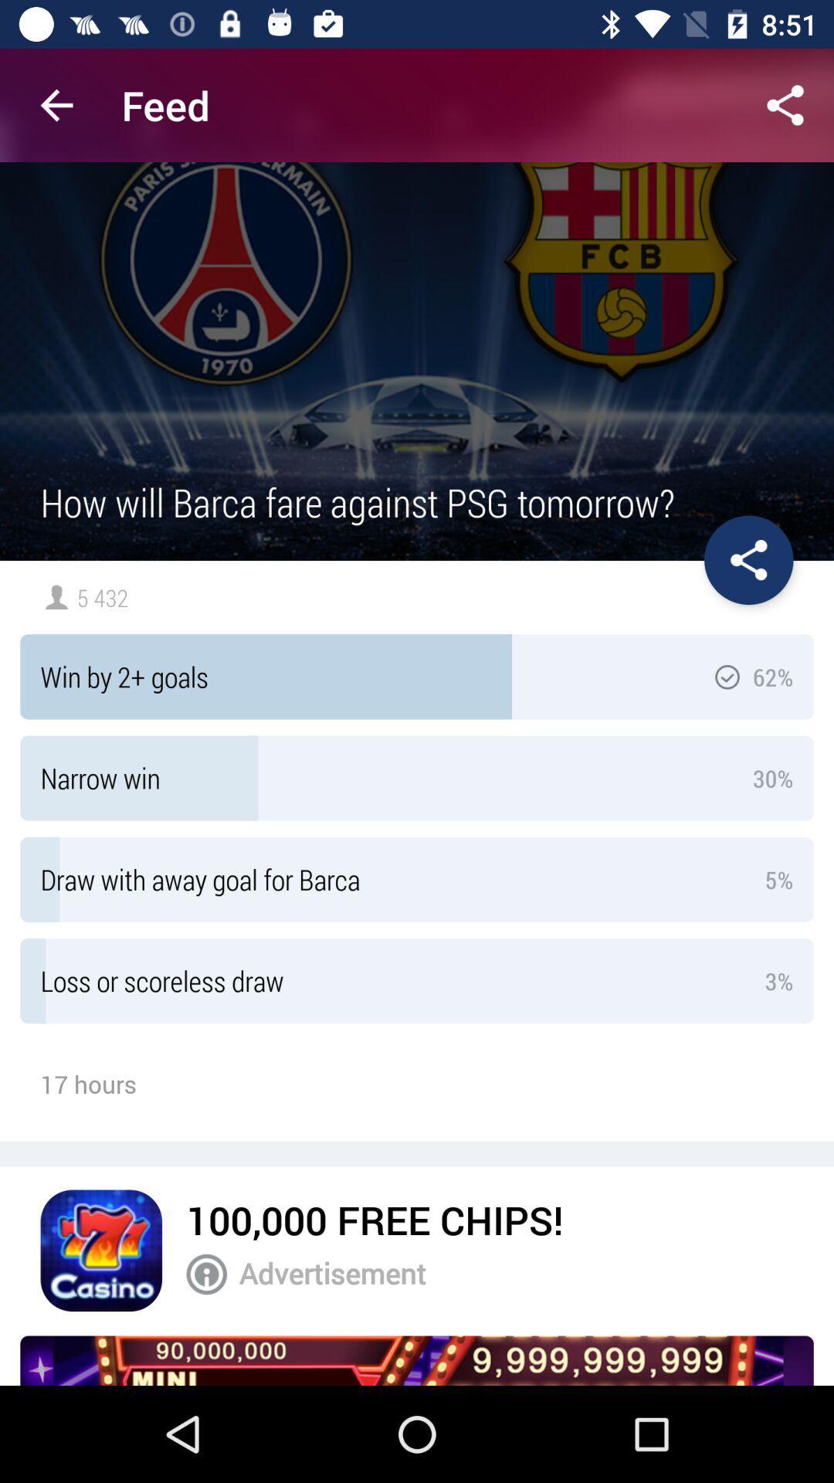 Image resolution: width=834 pixels, height=1483 pixels. Describe the element at coordinates (748, 559) in the screenshot. I see `the share icon` at that location.